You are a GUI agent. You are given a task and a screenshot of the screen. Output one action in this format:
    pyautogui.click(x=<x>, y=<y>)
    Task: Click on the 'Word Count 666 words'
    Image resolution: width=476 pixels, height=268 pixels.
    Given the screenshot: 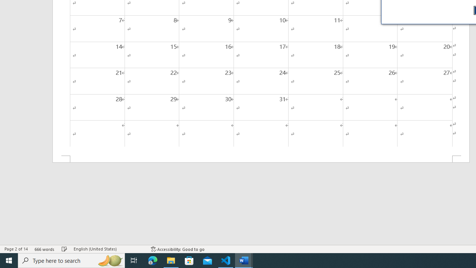 What is the action you would take?
    pyautogui.click(x=44, y=249)
    